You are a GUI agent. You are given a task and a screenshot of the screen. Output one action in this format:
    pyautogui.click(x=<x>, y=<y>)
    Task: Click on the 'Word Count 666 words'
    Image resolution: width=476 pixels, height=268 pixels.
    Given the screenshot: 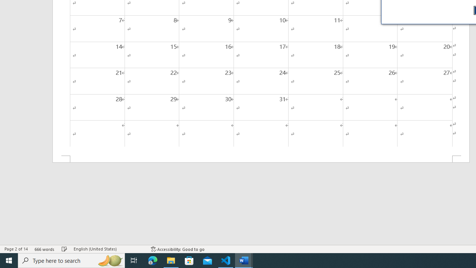 What is the action you would take?
    pyautogui.click(x=44, y=249)
    